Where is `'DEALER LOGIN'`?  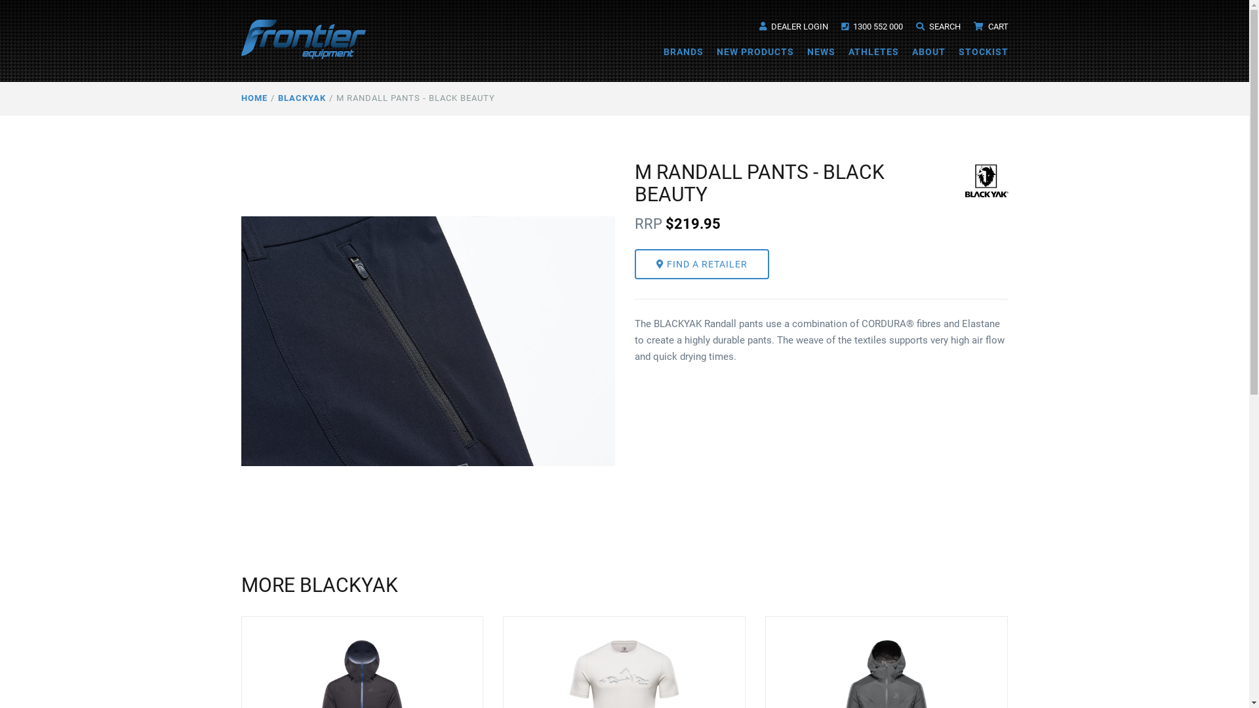 'DEALER LOGIN' is located at coordinates (793, 26).